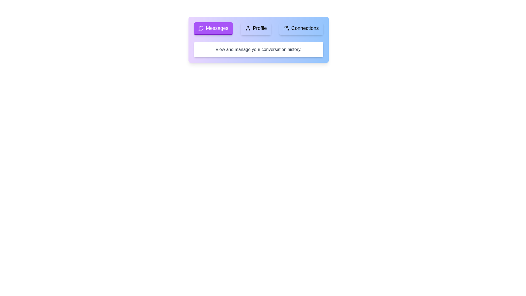 This screenshot has height=296, width=526. Describe the element at coordinates (201, 28) in the screenshot. I see `the graphic icon representing the 'Messages' feature` at that location.